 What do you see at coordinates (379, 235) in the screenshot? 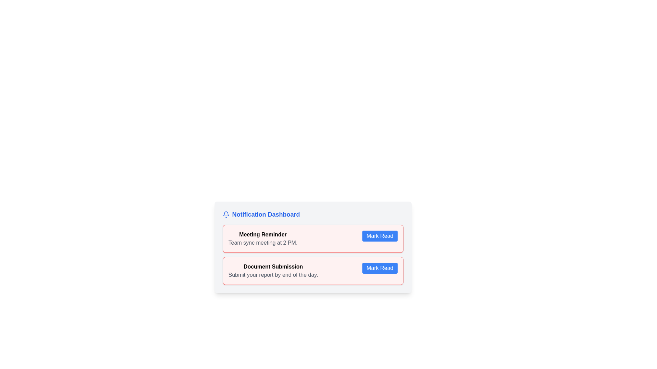
I see `the 'Mark Read' button with a blue background and white text, located within the notification card for the meeting reminder` at bounding box center [379, 235].